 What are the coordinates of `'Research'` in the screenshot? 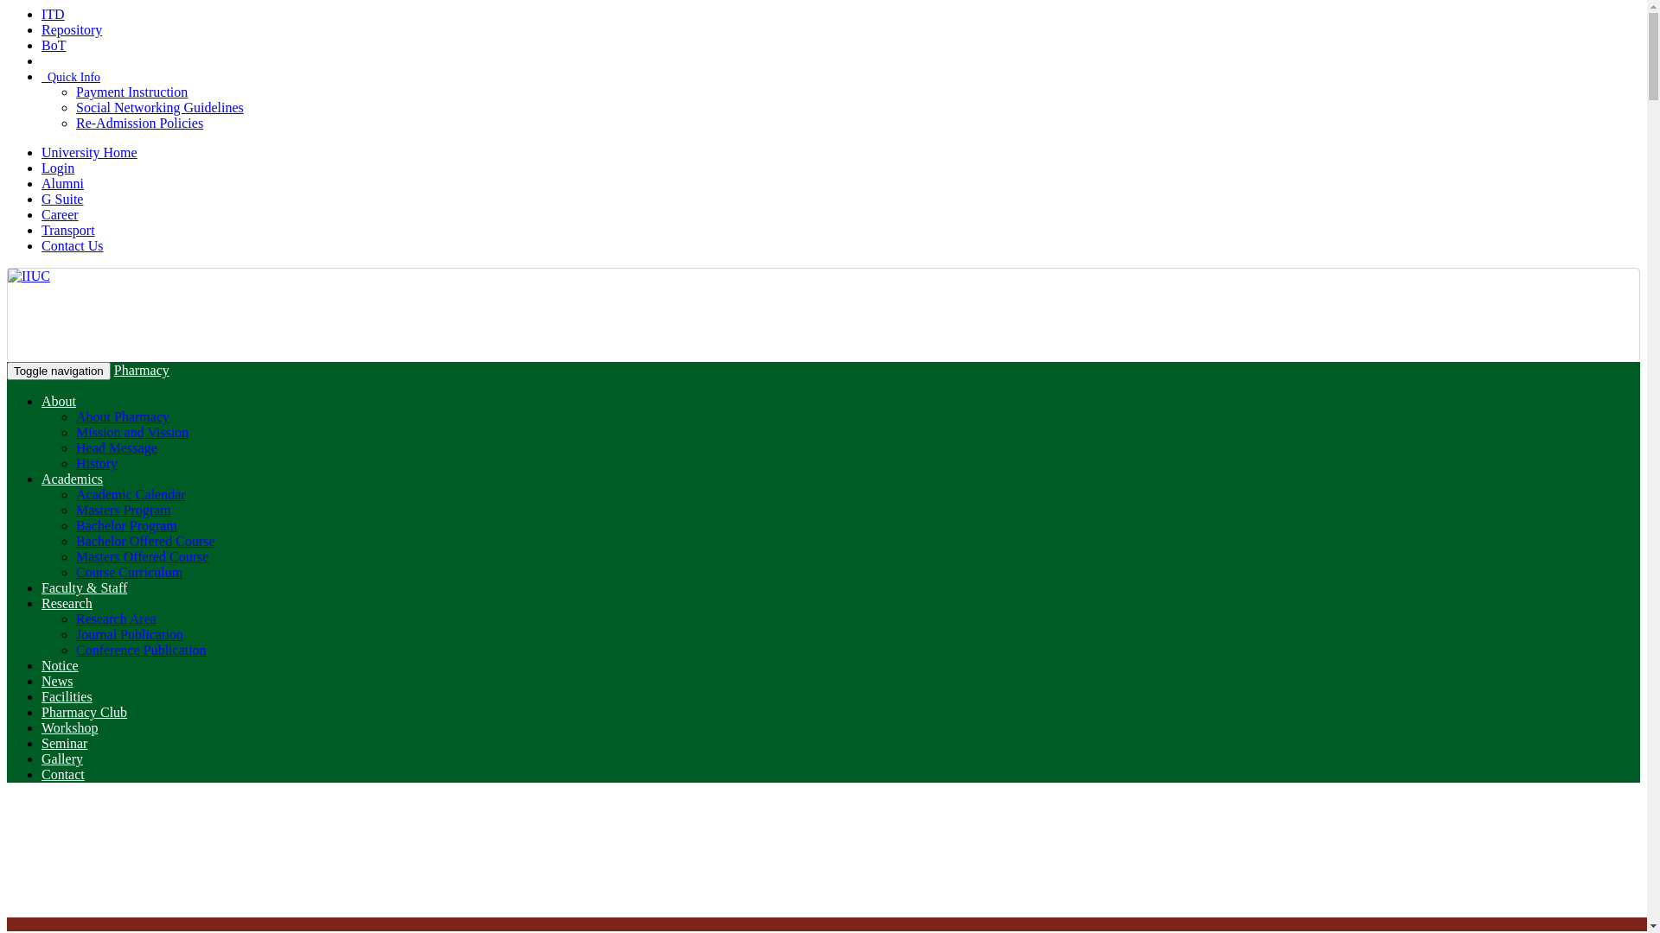 It's located at (41, 602).